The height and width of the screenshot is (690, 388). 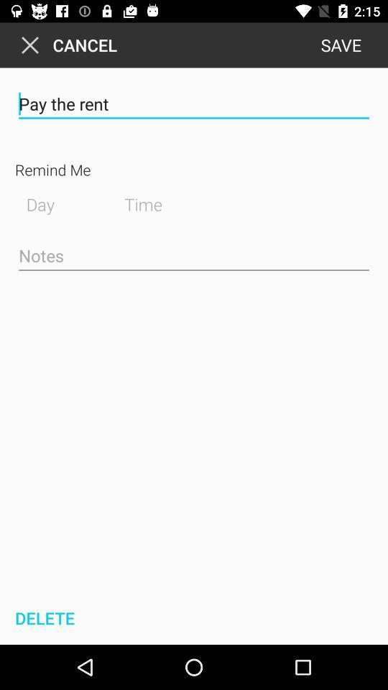 I want to click on the item above pay the rent item, so click(x=340, y=45).